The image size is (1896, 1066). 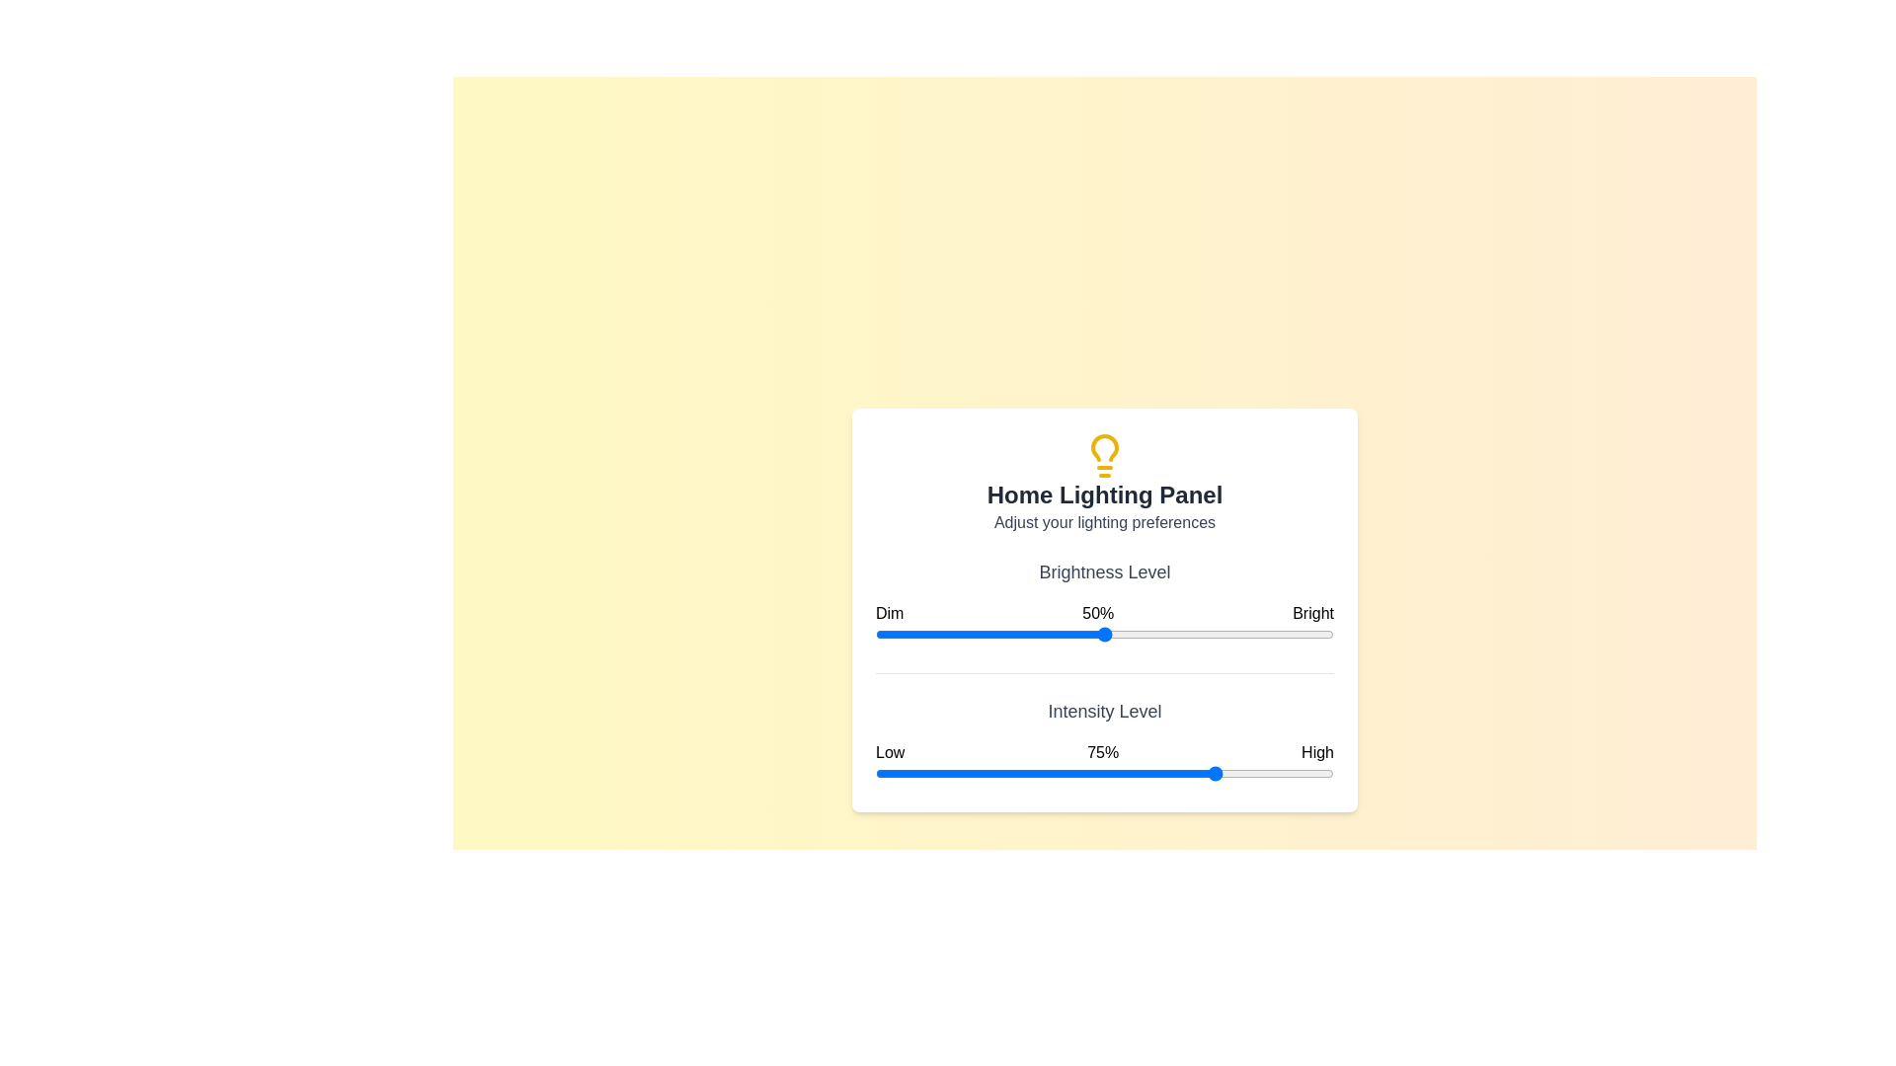 What do you see at coordinates (963, 772) in the screenshot?
I see `the Intensity Level slider` at bounding box center [963, 772].